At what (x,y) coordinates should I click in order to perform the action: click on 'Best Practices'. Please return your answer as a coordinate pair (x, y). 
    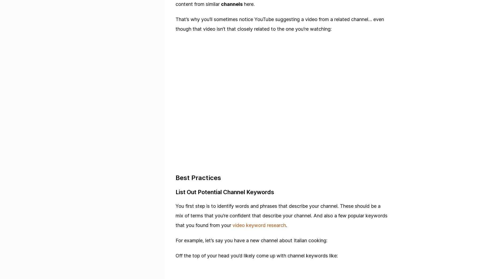
    Looking at the image, I should click on (198, 177).